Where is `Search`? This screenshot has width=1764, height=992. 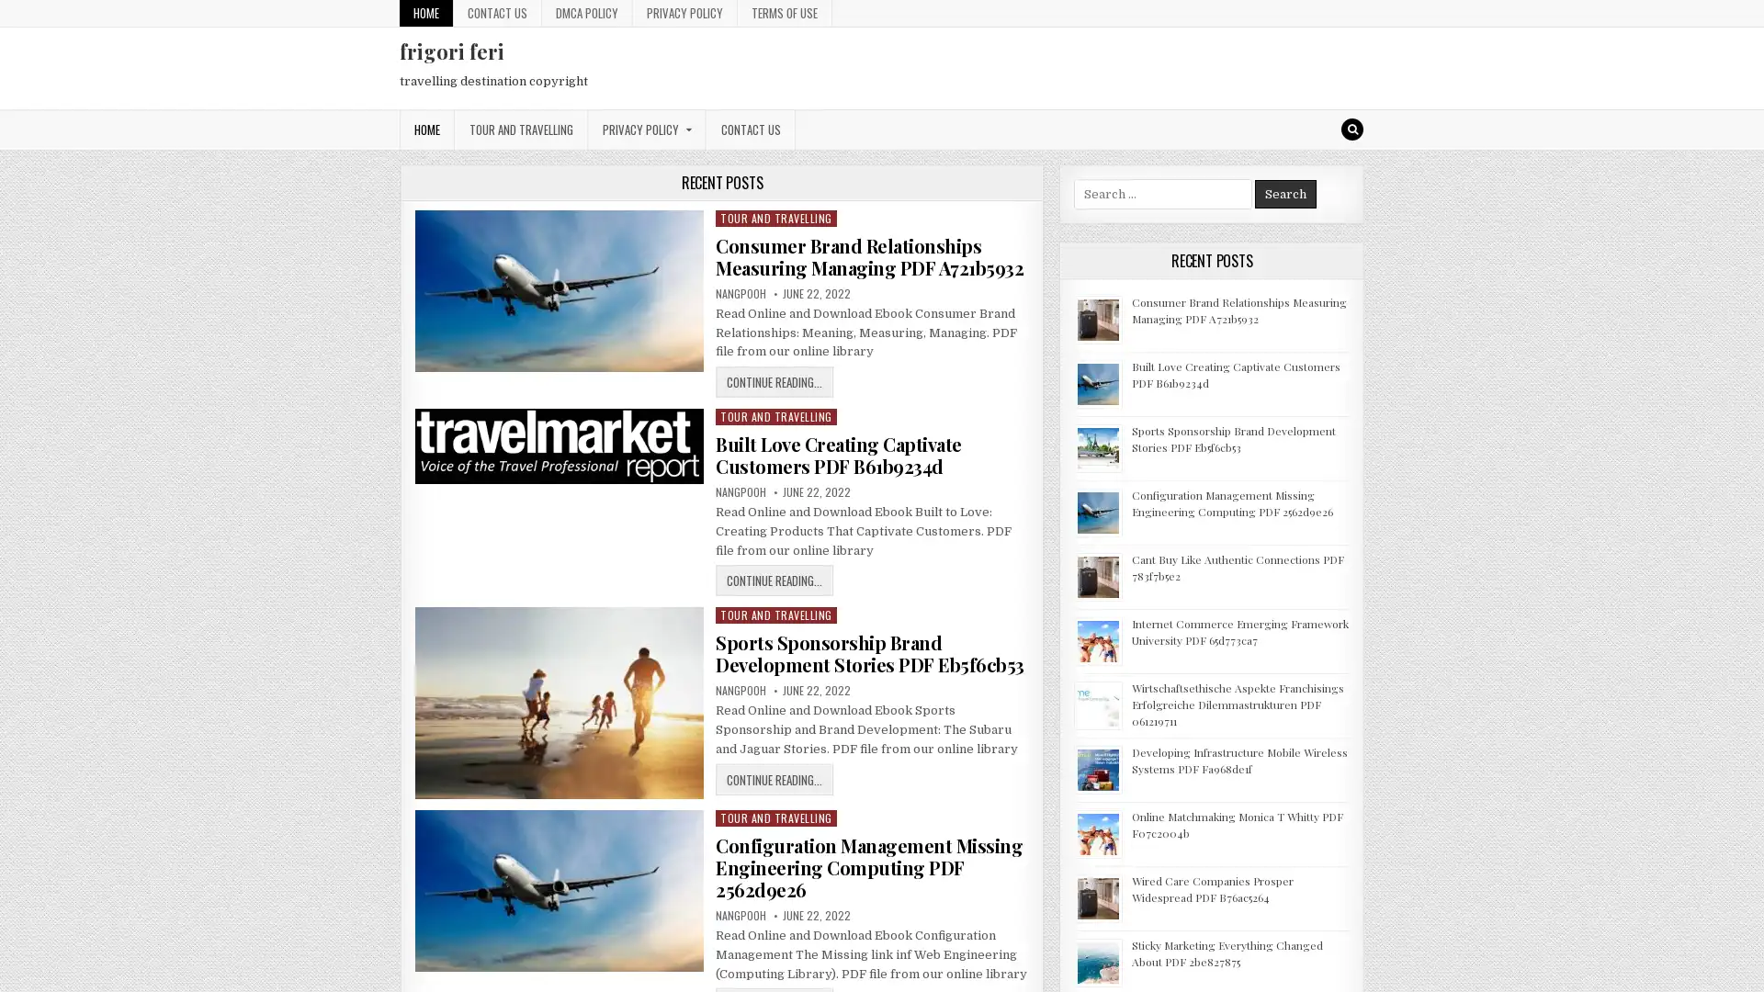 Search is located at coordinates (1284, 194).